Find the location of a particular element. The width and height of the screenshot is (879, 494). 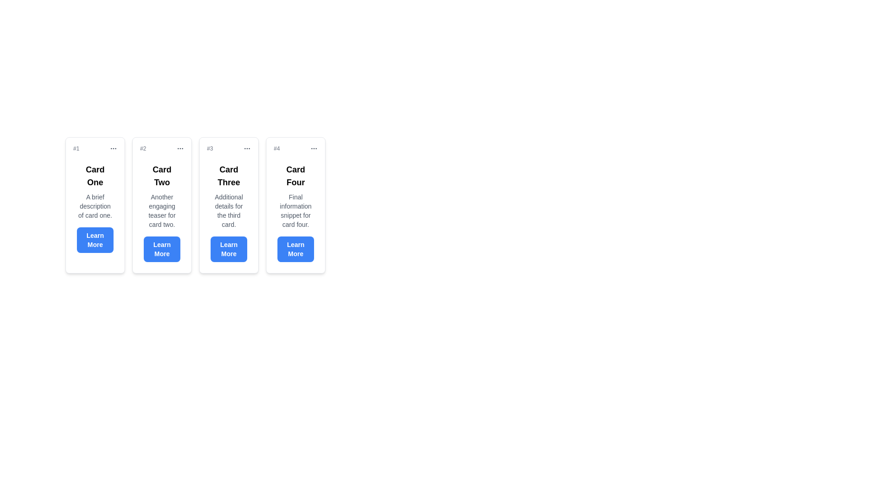

the small gray text label displaying '#2', which is located in the upper-left corner of the second card, adjacent to the ellipsis icon is located at coordinates (142, 148).